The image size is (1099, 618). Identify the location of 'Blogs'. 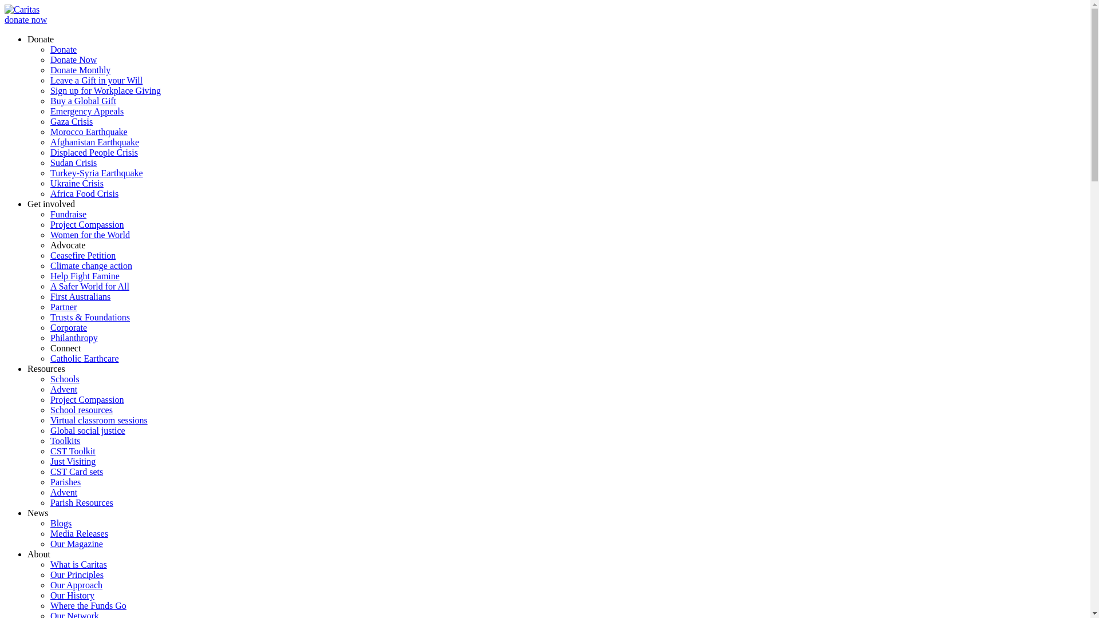
(49, 523).